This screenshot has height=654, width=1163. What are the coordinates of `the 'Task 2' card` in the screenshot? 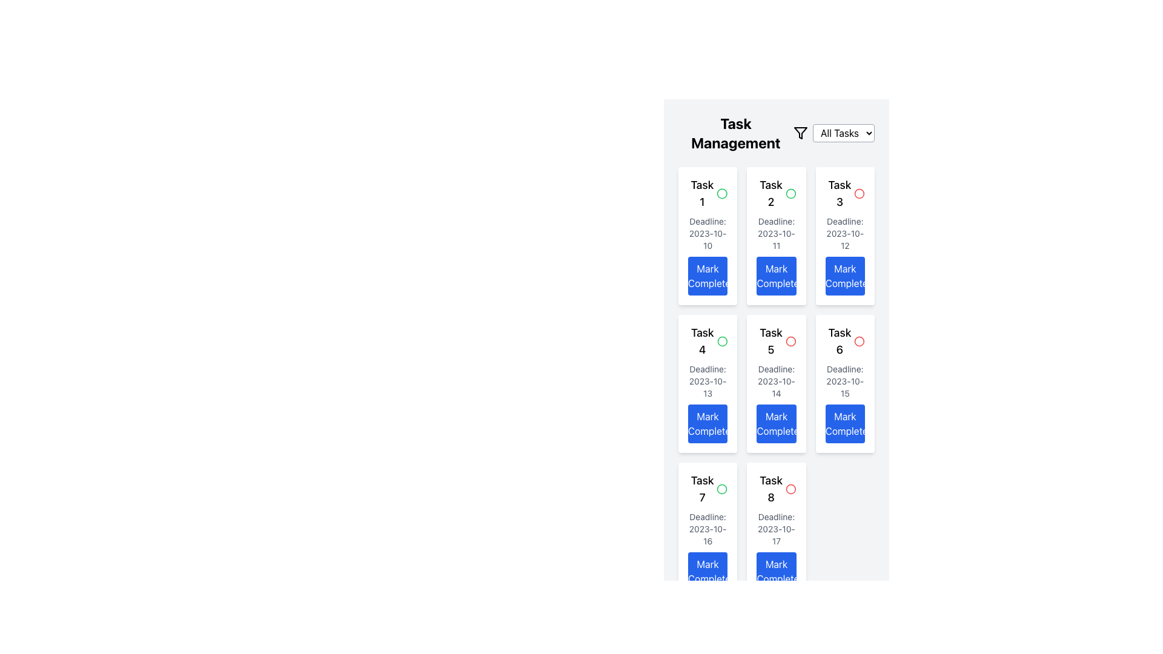 It's located at (776, 236).